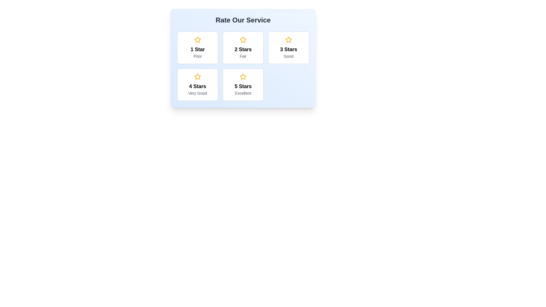 Image resolution: width=546 pixels, height=307 pixels. I want to click on the informational label displaying a rating of 2 stars, located in the second column of a 3x2 star rating grid, so click(243, 49).